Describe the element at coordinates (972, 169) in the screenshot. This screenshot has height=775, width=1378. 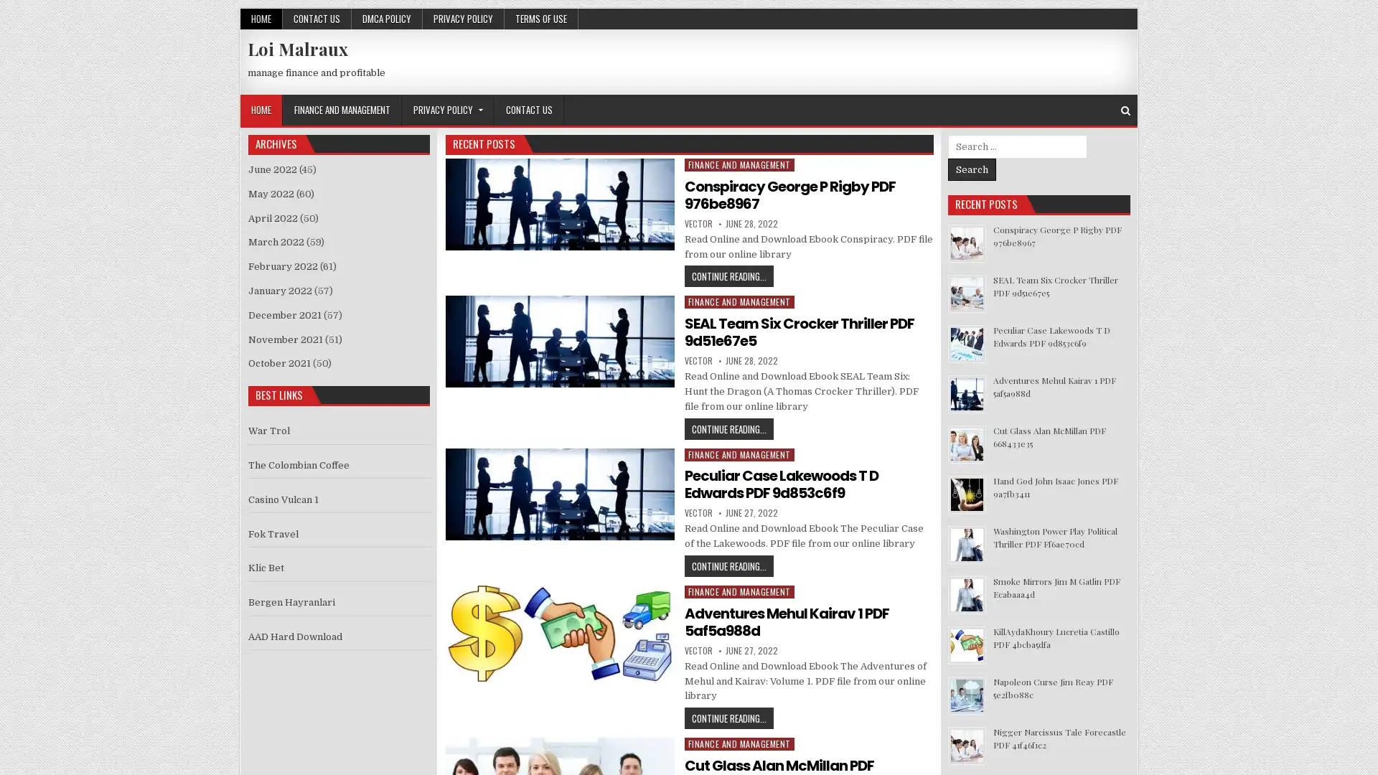
I see `Search` at that location.